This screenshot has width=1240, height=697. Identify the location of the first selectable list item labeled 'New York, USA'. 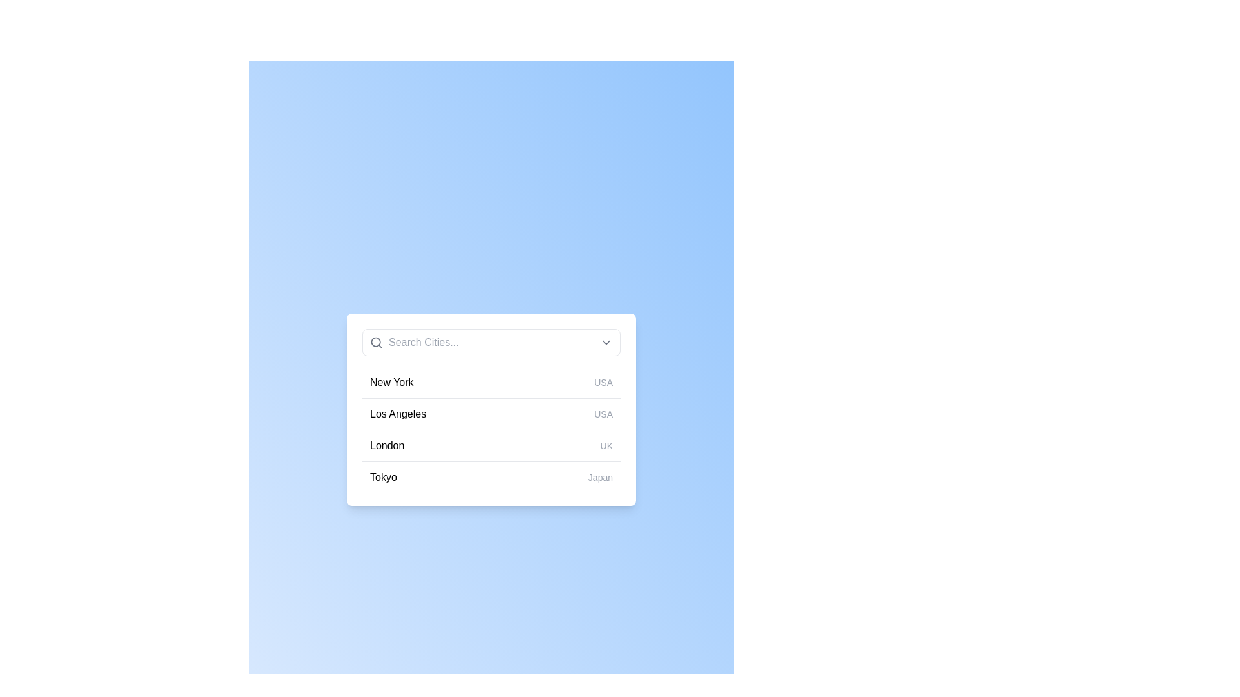
(491, 382).